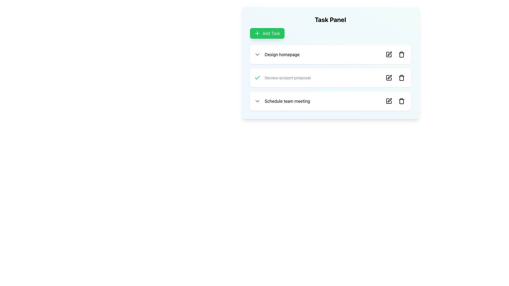  What do you see at coordinates (257, 33) in the screenshot?
I see `the SVG Icon (Plus Sign) located inside the green 'Add Task' button` at bounding box center [257, 33].